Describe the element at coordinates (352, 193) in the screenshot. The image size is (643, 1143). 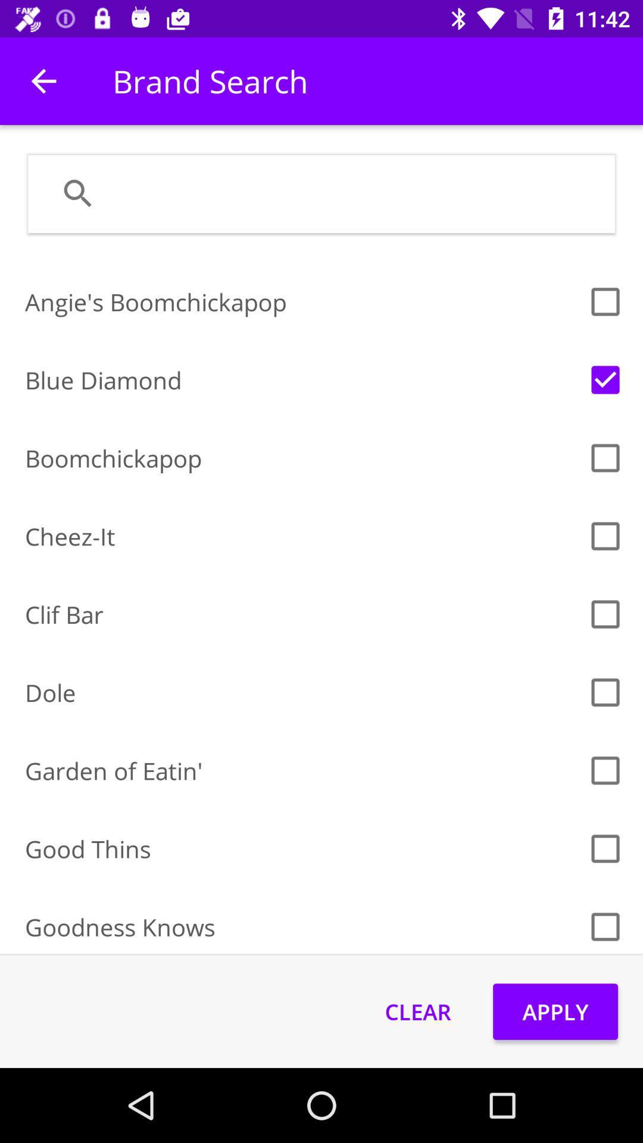
I see `search section` at that location.